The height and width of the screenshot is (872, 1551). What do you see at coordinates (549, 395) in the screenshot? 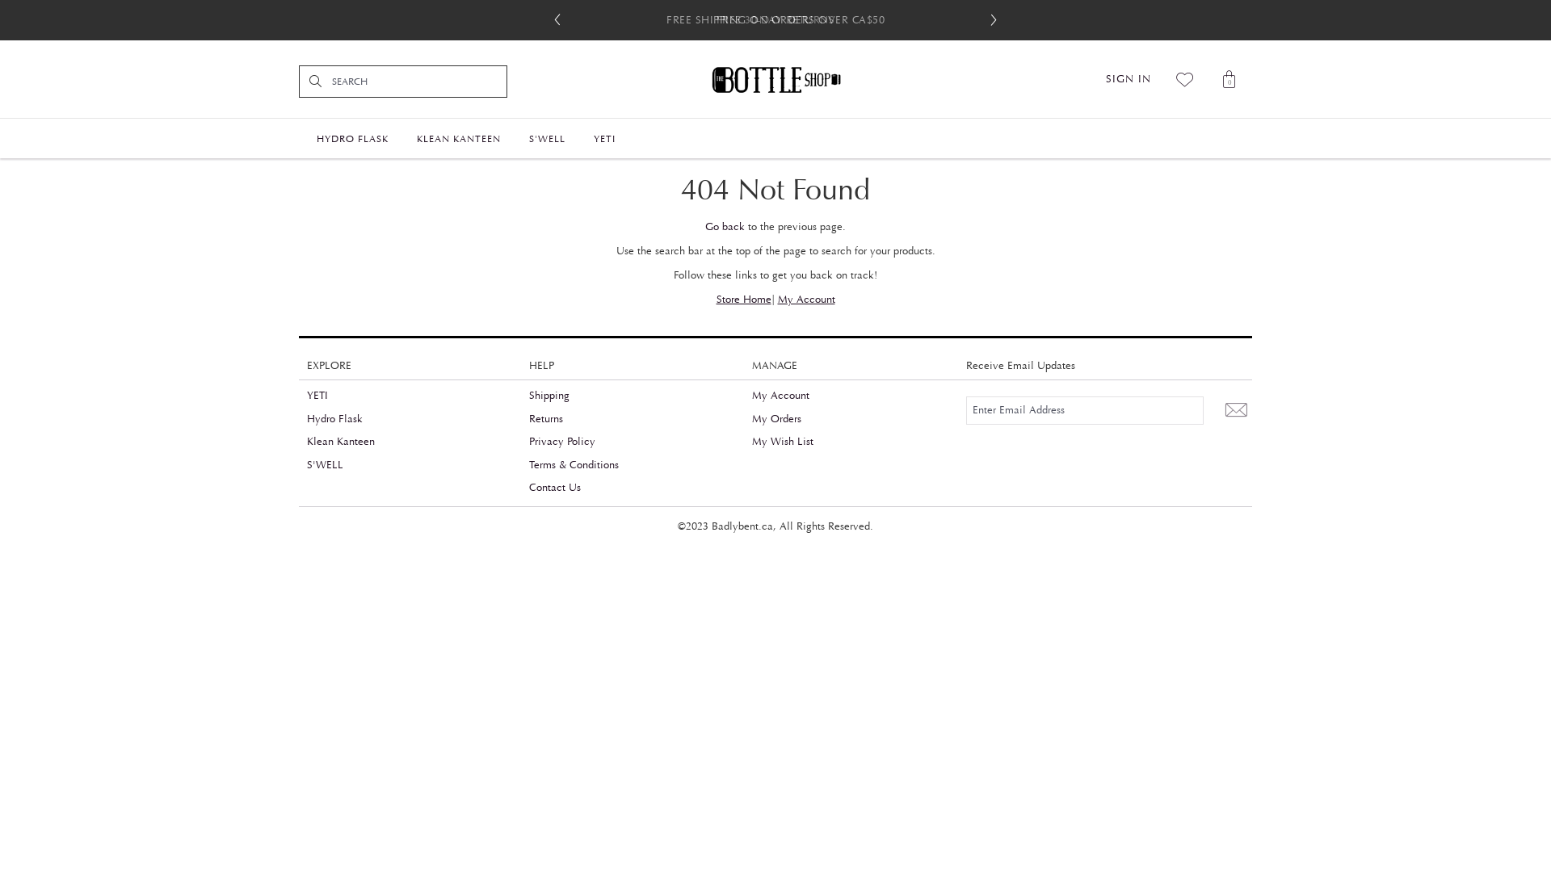
I see `'Shipping'` at bounding box center [549, 395].